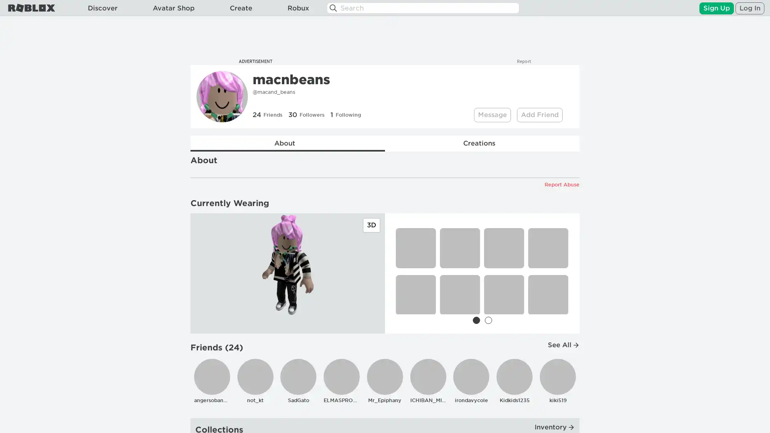  I want to click on 3D, so click(371, 225).